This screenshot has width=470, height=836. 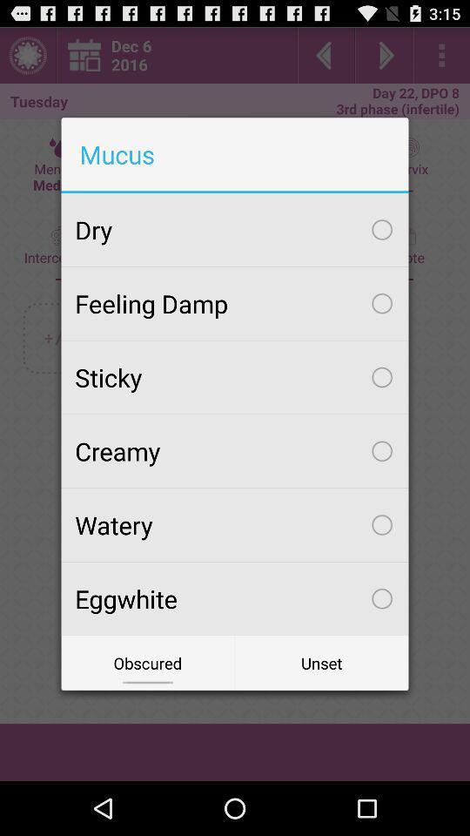 What do you see at coordinates (320, 662) in the screenshot?
I see `icon below the eggwhite checkbox` at bounding box center [320, 662].